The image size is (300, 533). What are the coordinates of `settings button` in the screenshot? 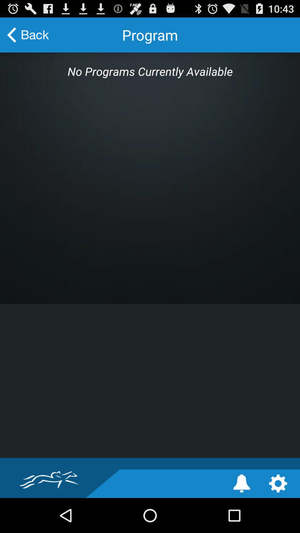 It's located at (278, 483).